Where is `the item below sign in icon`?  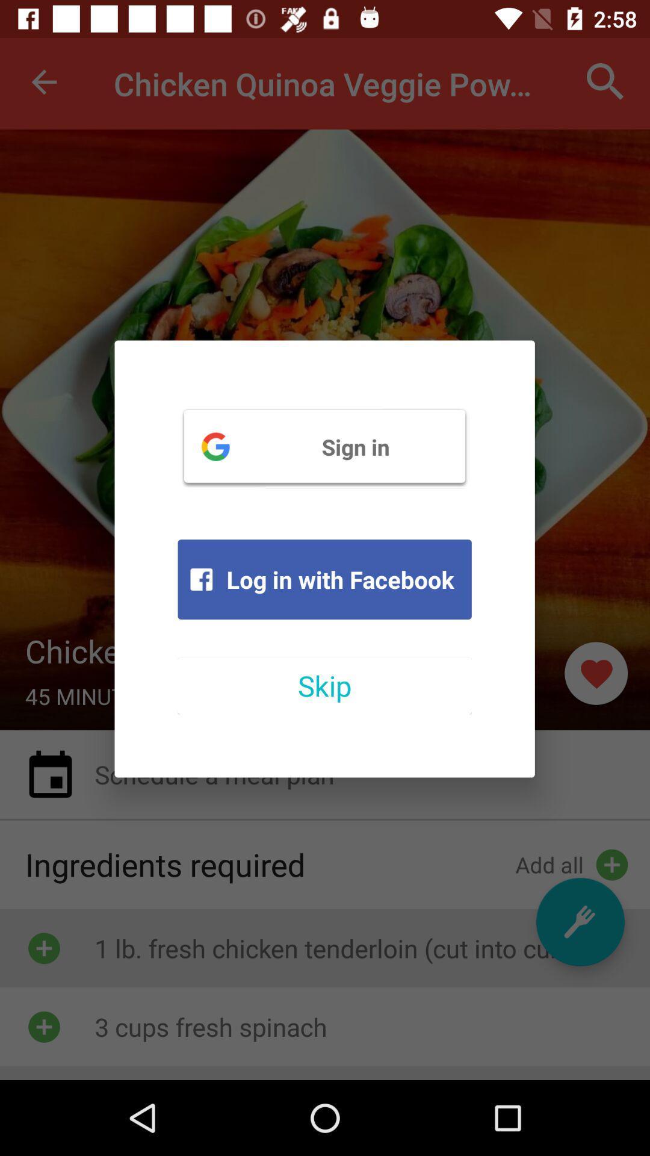 the item below sign in icon is located at coordinates (324, 579).